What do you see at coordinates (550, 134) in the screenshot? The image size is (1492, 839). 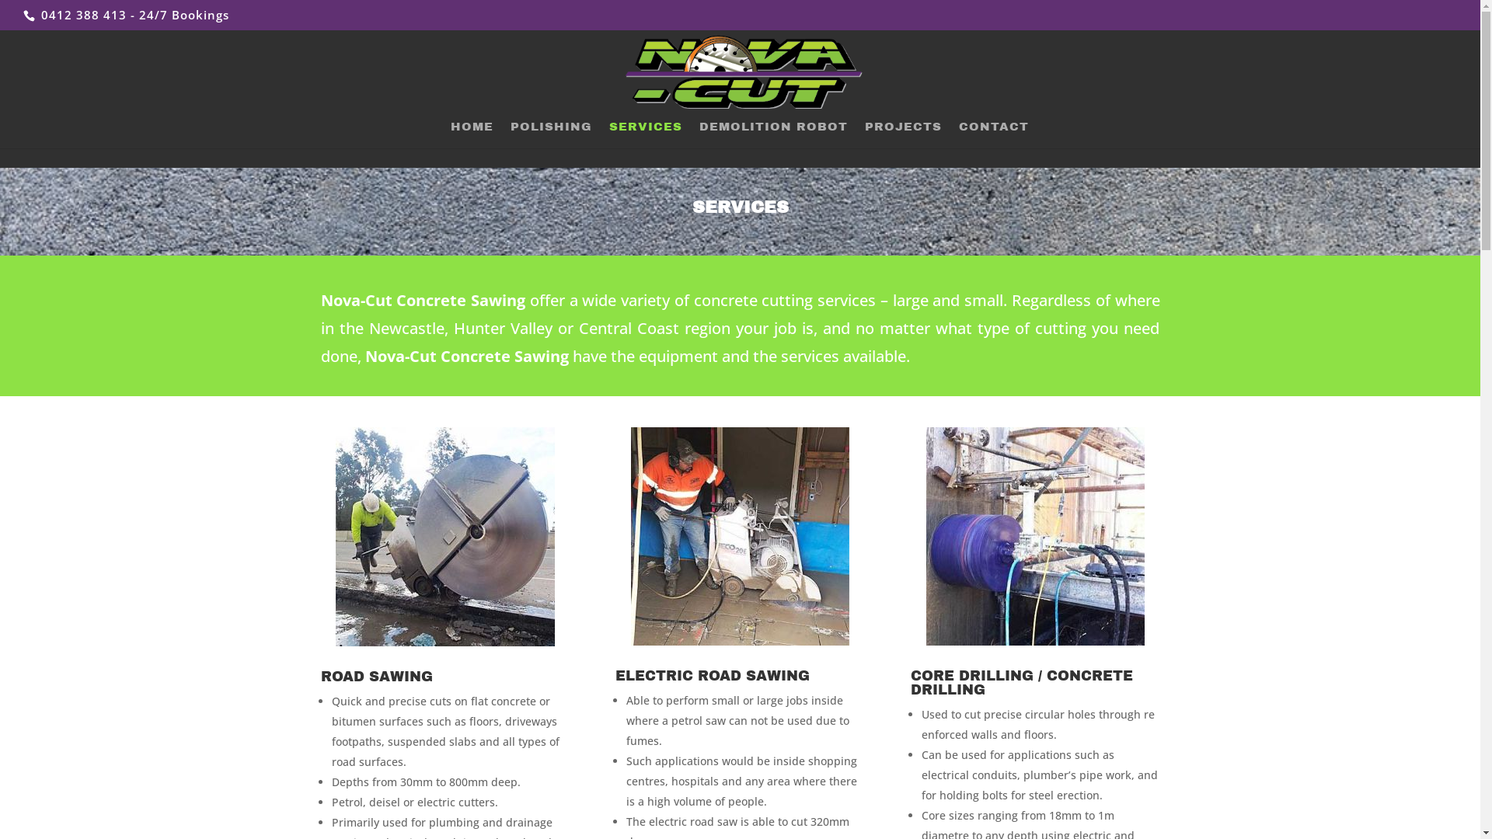 I see `'POLISHING'` at bounding box center [550, 134].